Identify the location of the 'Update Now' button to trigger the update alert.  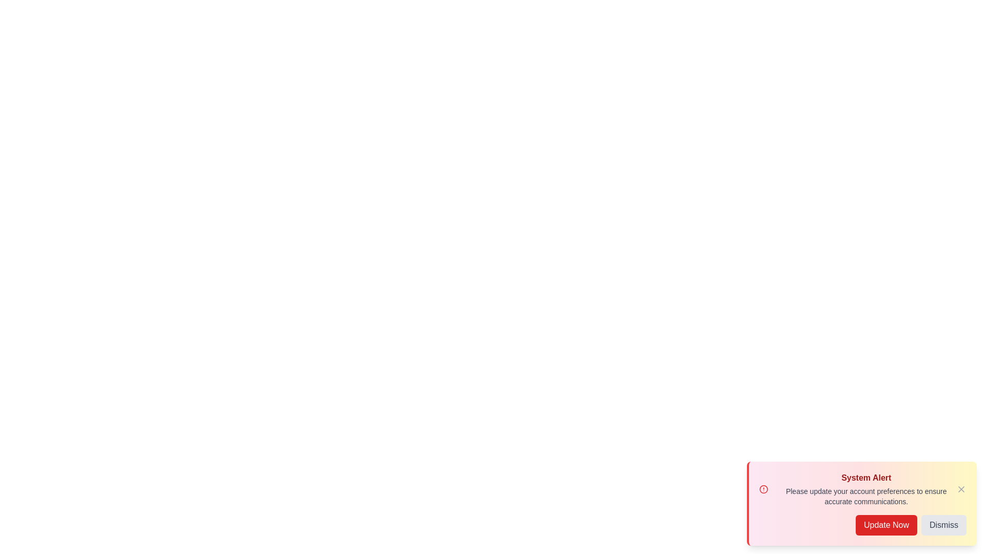
(886, 525).